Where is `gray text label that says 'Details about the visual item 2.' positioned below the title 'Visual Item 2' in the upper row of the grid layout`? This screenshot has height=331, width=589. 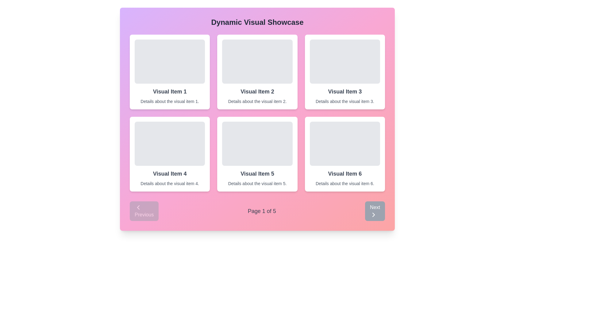 gray text label that says 'Details about the visual item 2.' positioned below the title 'Visual Item 2' in the upper row of the grid layout is located at coordinates (257, 101).